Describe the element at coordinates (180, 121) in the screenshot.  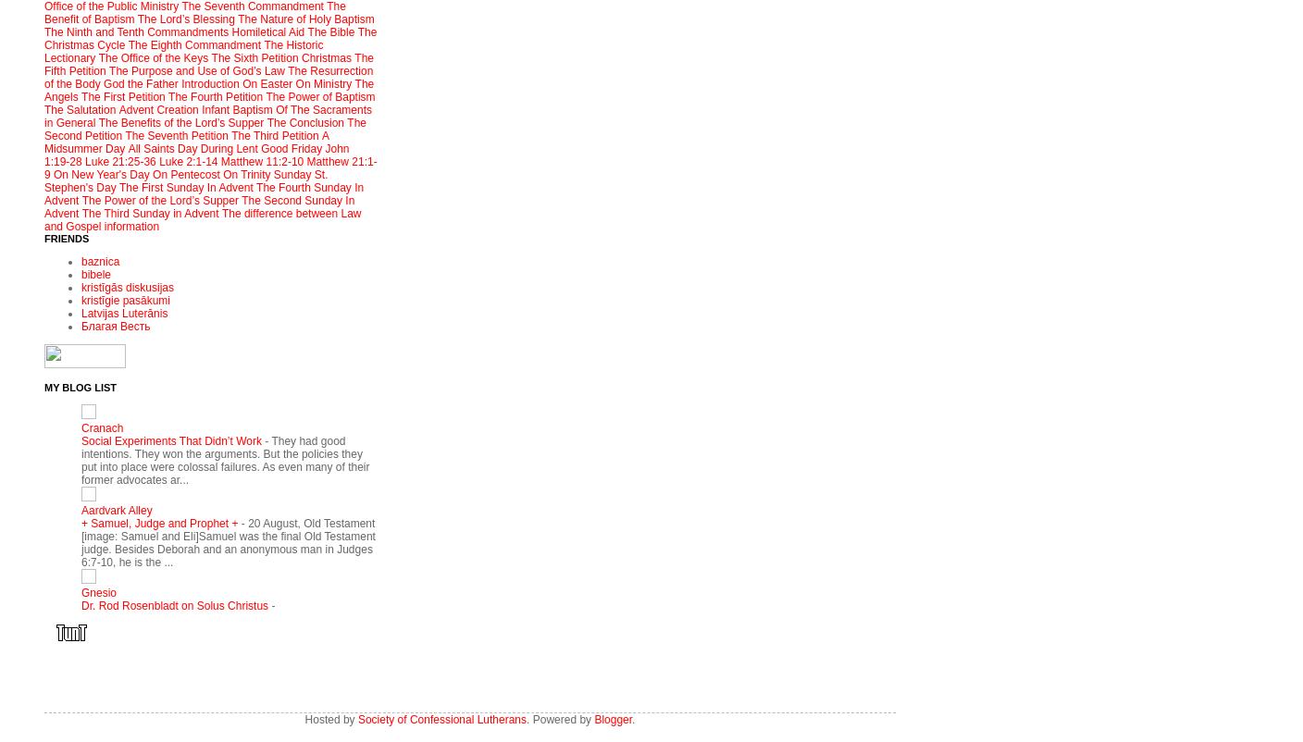
I see `'The Benefits of the Lord’s Supper'` at that location.